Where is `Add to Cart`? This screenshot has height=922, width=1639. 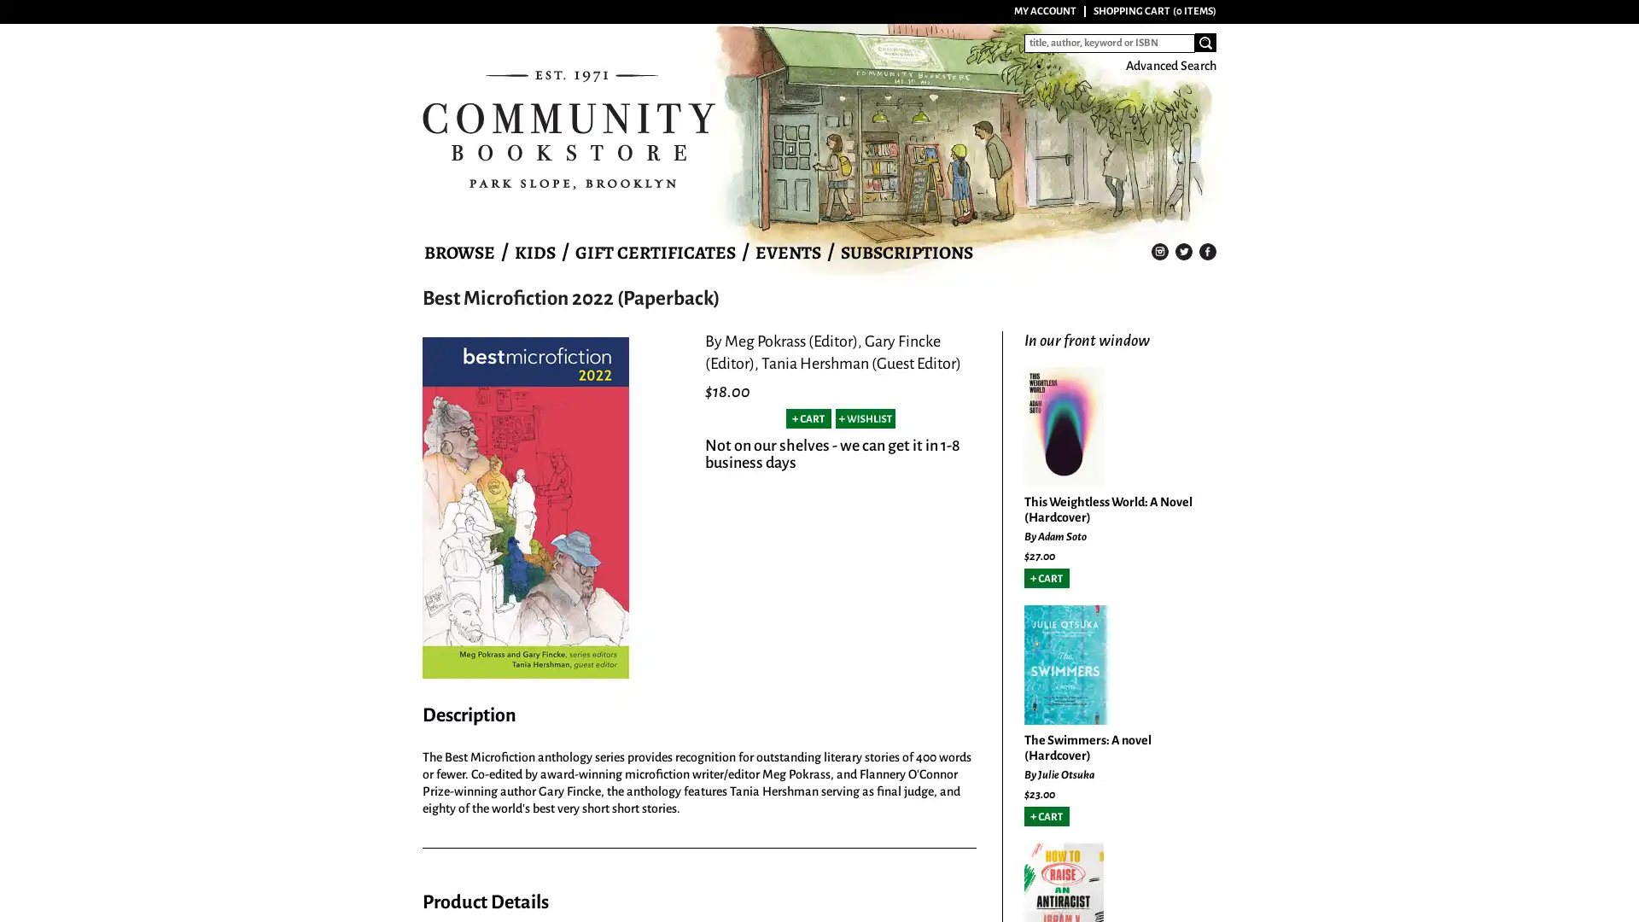
Add to Cart is located at coordinates (808, 418).